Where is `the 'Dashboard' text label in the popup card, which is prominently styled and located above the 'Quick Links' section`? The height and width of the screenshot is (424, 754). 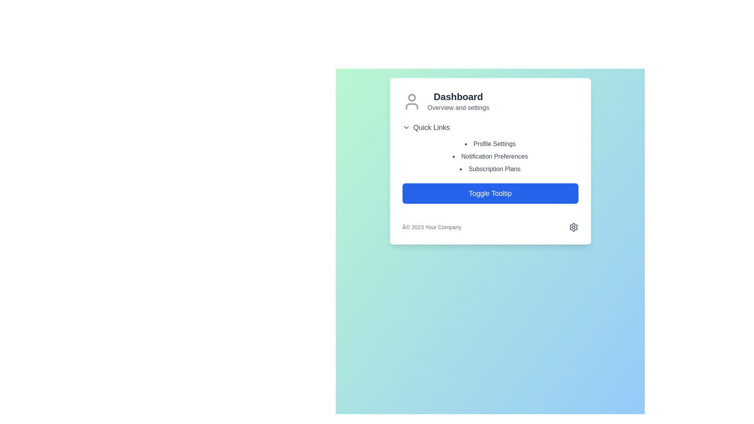 the 'Dashboard' text label in the popup card, which is prominently styled and located above the 'Quick Links' section is located at coordinates (458, 101).